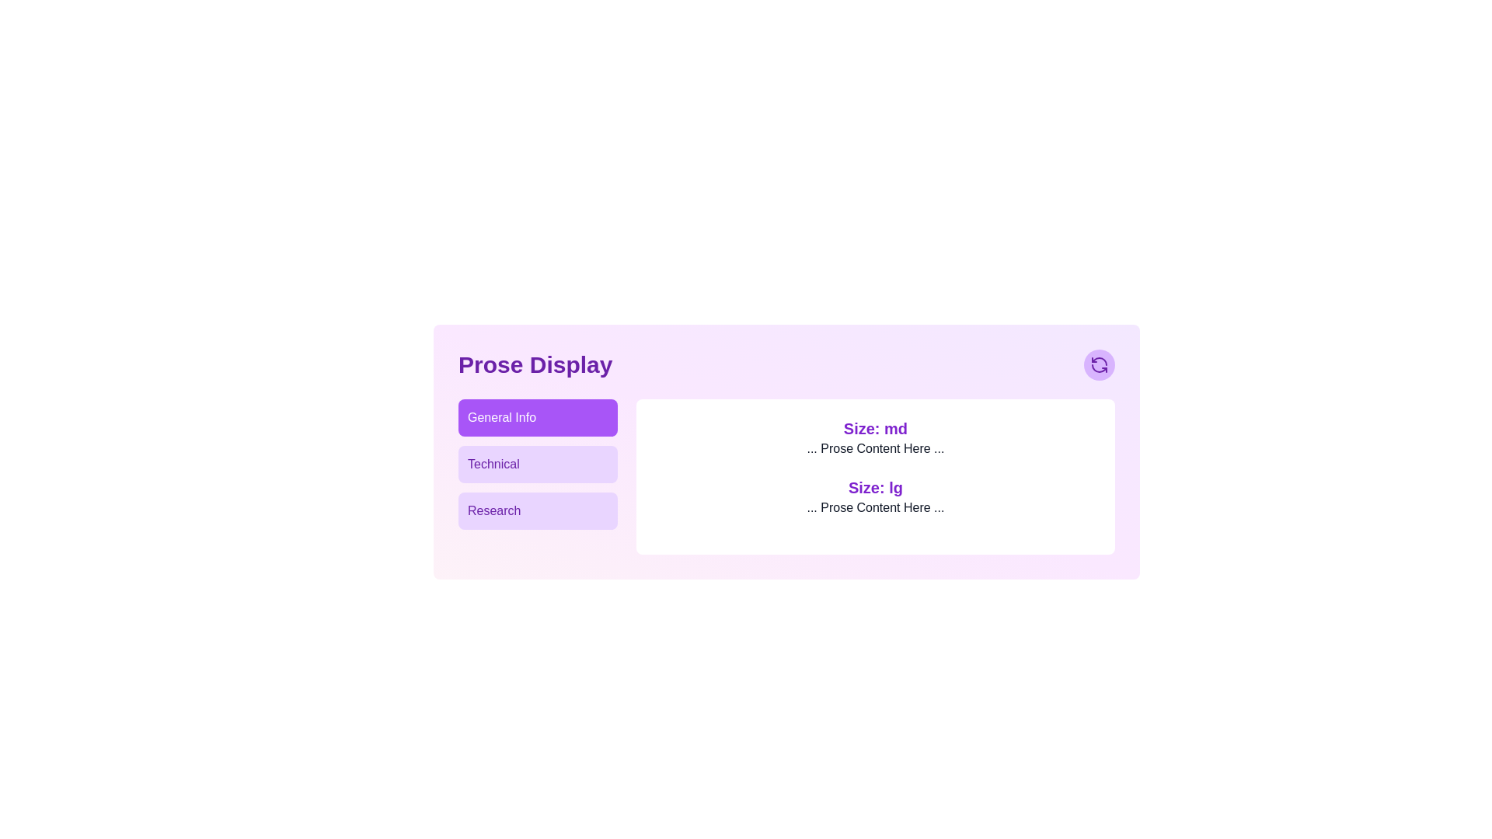 The width and height of the screenshot is (1492, 839). What do you see at coordinates (876, 508) in the screenshot?
I see `the text block styled with a large serif font in gray, located below the title 'Size: lg' within the main content card` at bounding box center [876, 508].